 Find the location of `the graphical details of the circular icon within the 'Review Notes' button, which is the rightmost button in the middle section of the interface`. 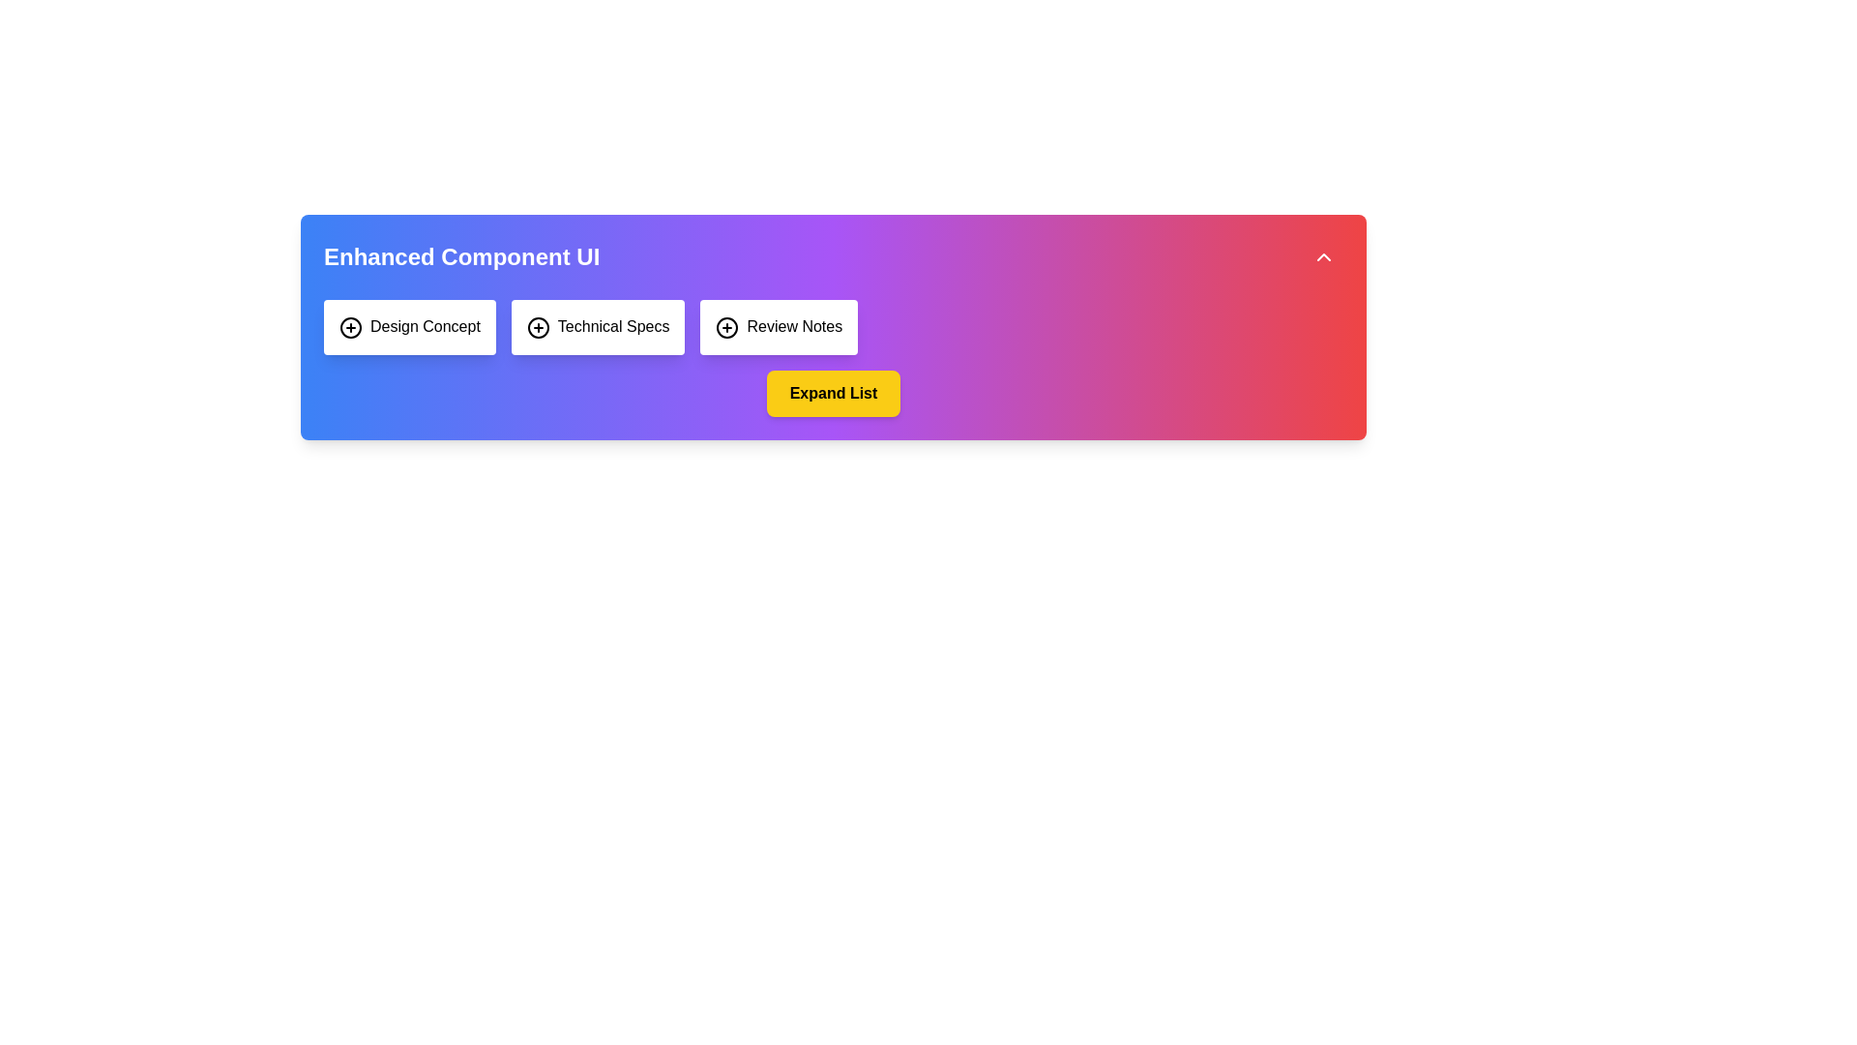

the graphical details of the circular icon within the 'Review Notes' button, which is the rightmost button in the middle section of the interface is located at coordinates (726, 326).